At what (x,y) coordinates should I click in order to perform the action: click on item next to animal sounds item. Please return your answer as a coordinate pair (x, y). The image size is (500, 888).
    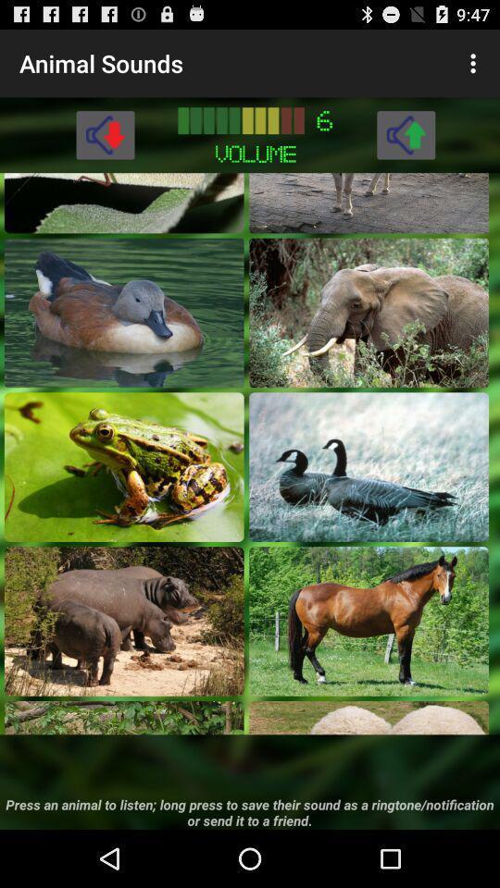
    Looking at the image, I should click on (475, 63).